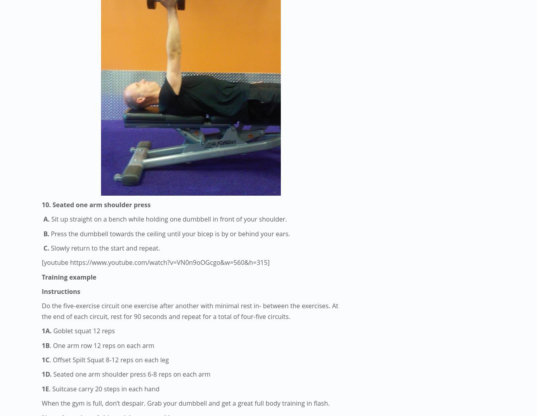 This screenshot has width=537, height=416. What do you see at coordinates (41, 262) in the screenshot?
I see `'[youtube https://www.youtube.com/watch?v=VN0n9oOGcgo&w=560&h=315]'` at bounding box center [41, 262].